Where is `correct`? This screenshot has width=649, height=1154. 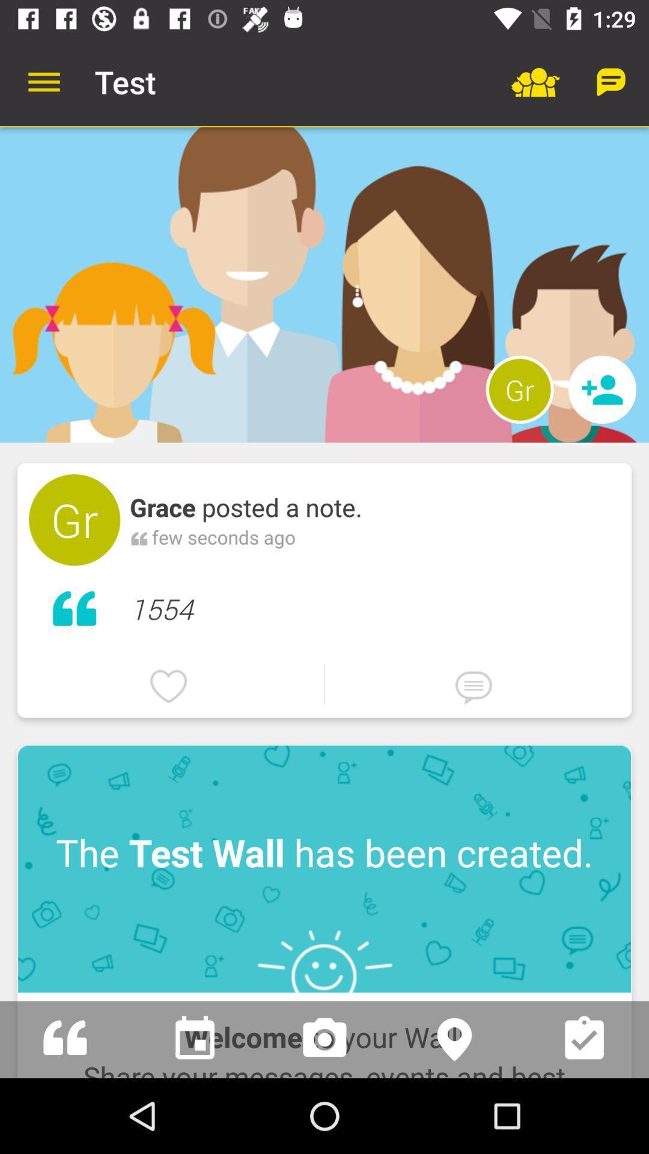
correct is located at coordinates (583, 1039).